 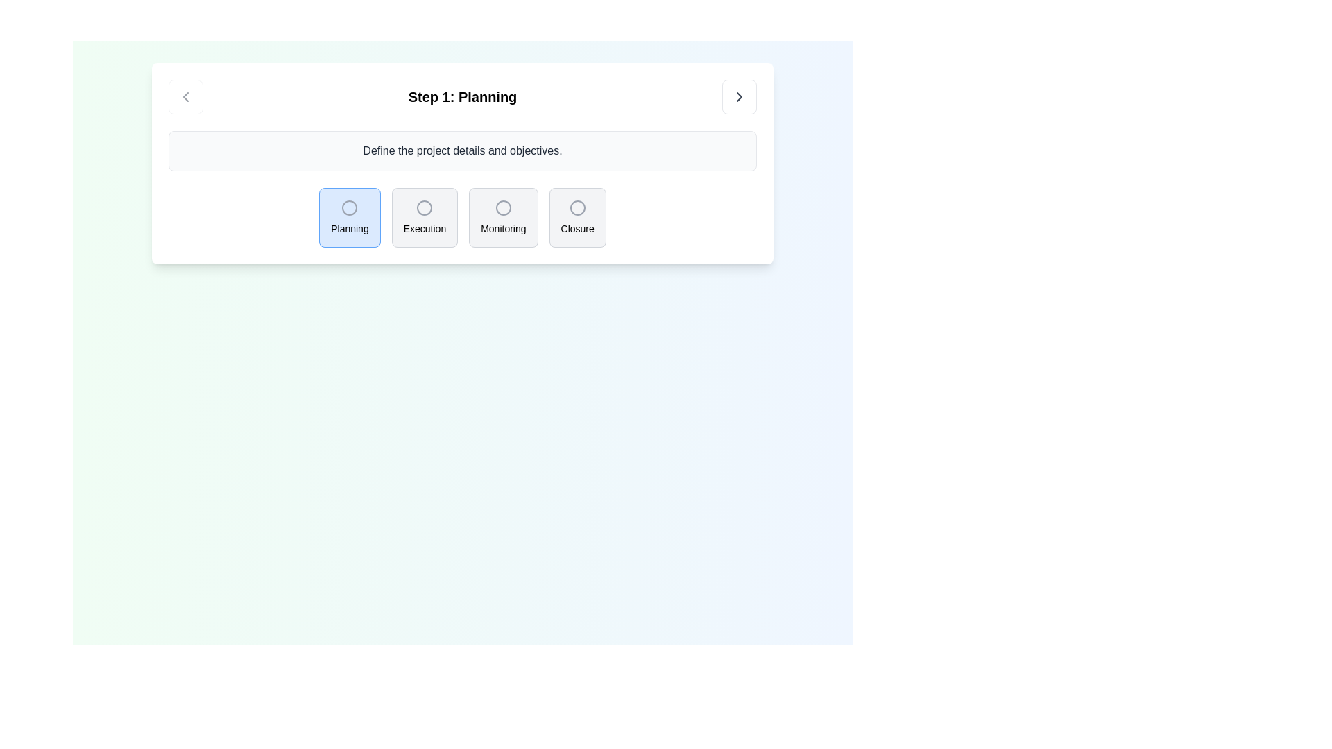 What do you see at coordinates (185, 96) in the screenshot?
I see `the square button with rounded corners containing a leftward-pointing arrow icon, located on the leftmost side of the title bar adjacent to the title text 'Step 1: Planning'` at bounding box center [185, 96].